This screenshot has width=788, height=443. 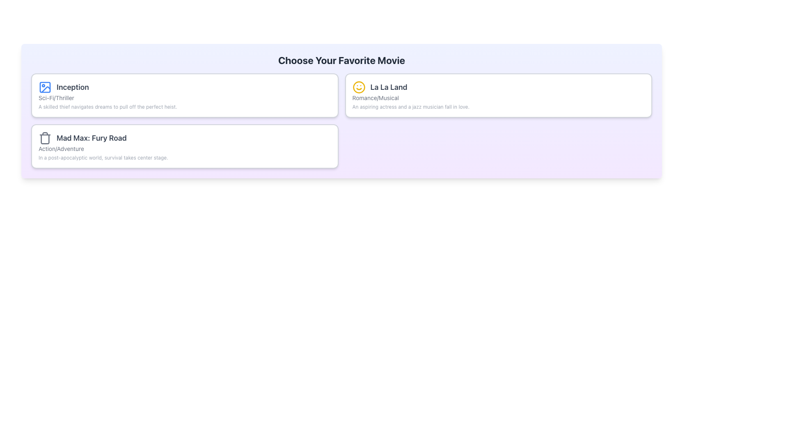 I want to click on the interactive movie card located in the first row and first column of the grid, so click(x=184, y=95).